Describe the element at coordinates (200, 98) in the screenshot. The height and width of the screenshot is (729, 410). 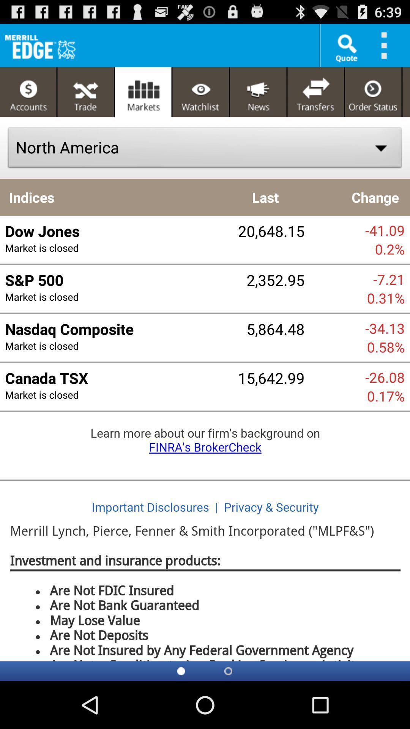
I see `the visibility icon` at that location.